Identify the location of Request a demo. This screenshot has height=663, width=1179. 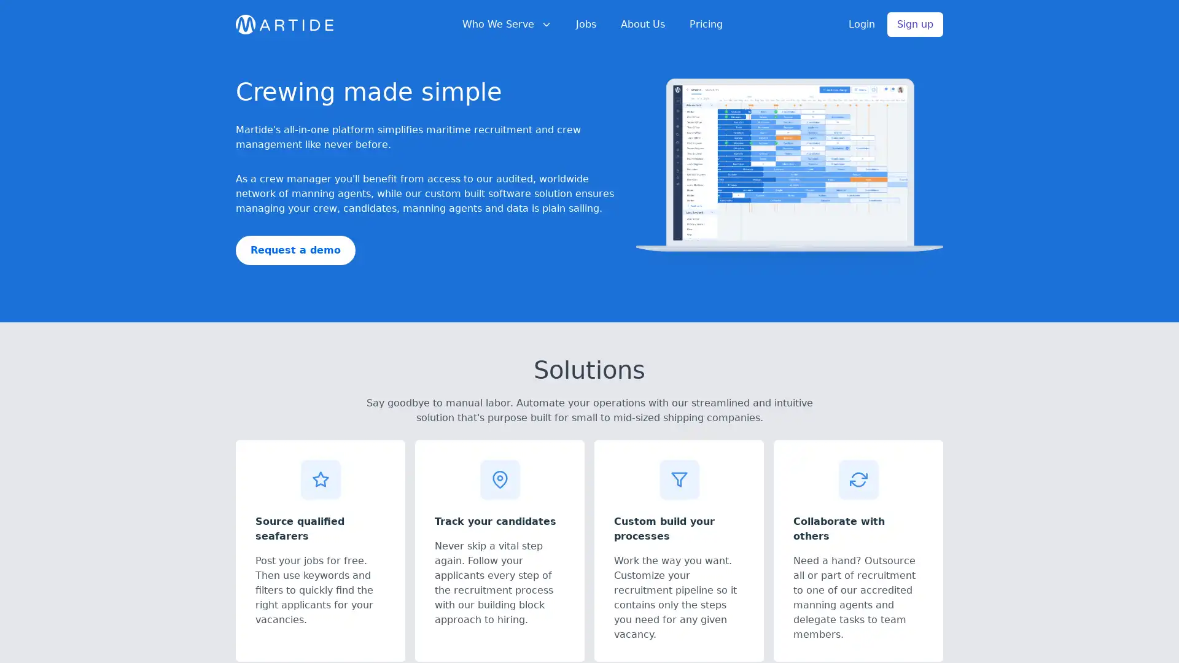
(295, 250).